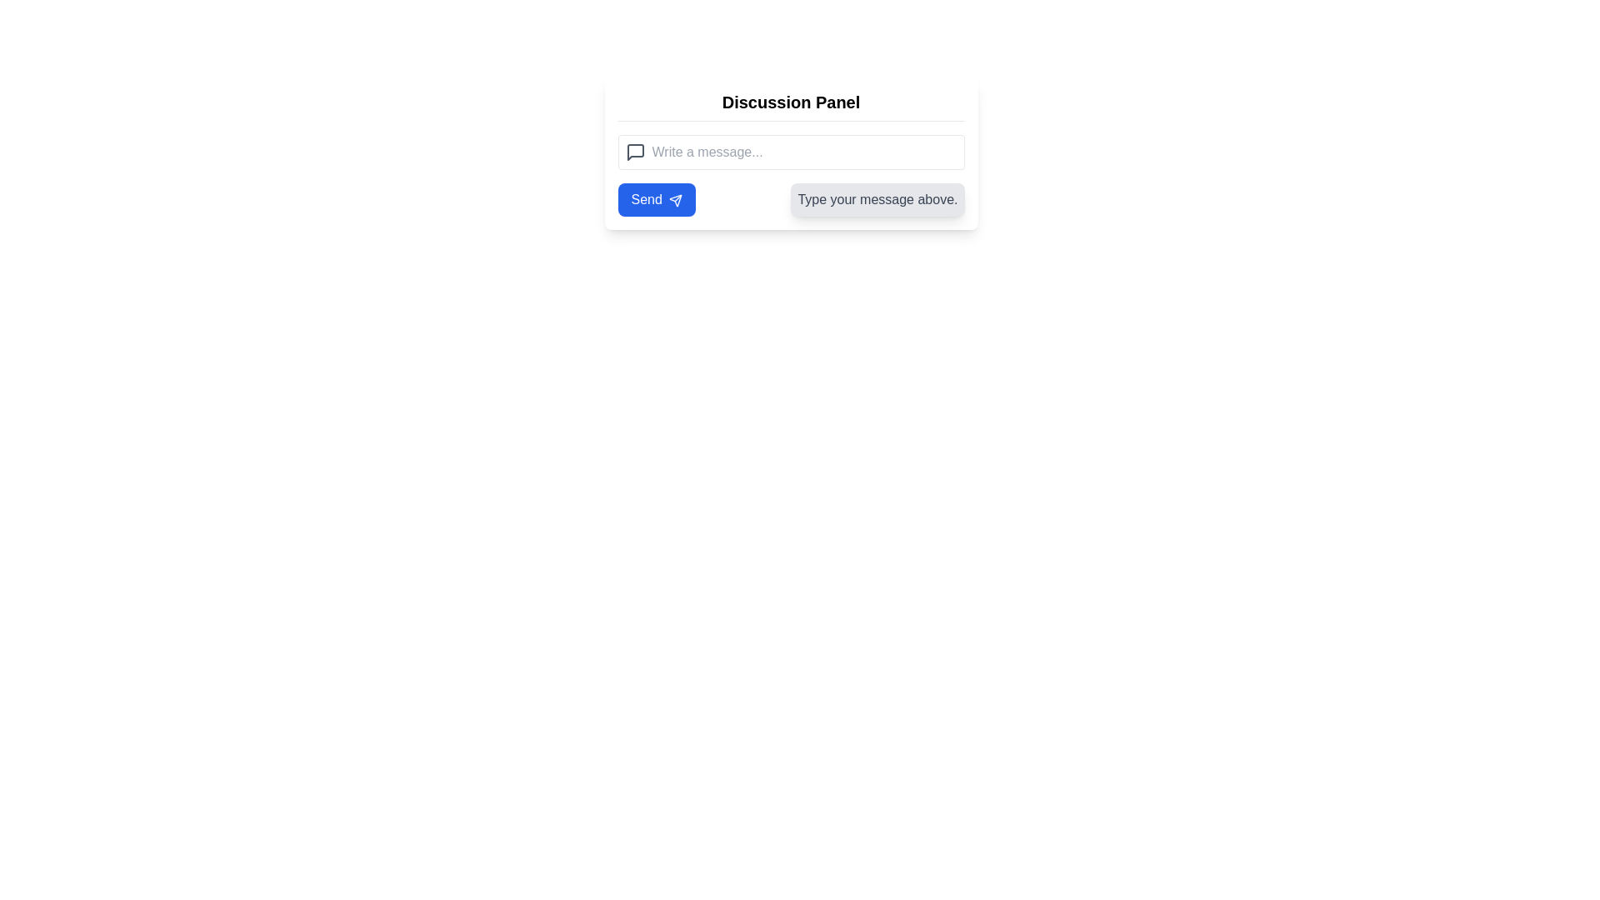  Describe the element at coordinates (676, 199) in the screenshot. I see `the small triangular icon resembling a paper airplane, located inside the blue 'Send' button in the bottom-left corner of the panel, for its symbolic function of sending a message` at that location.